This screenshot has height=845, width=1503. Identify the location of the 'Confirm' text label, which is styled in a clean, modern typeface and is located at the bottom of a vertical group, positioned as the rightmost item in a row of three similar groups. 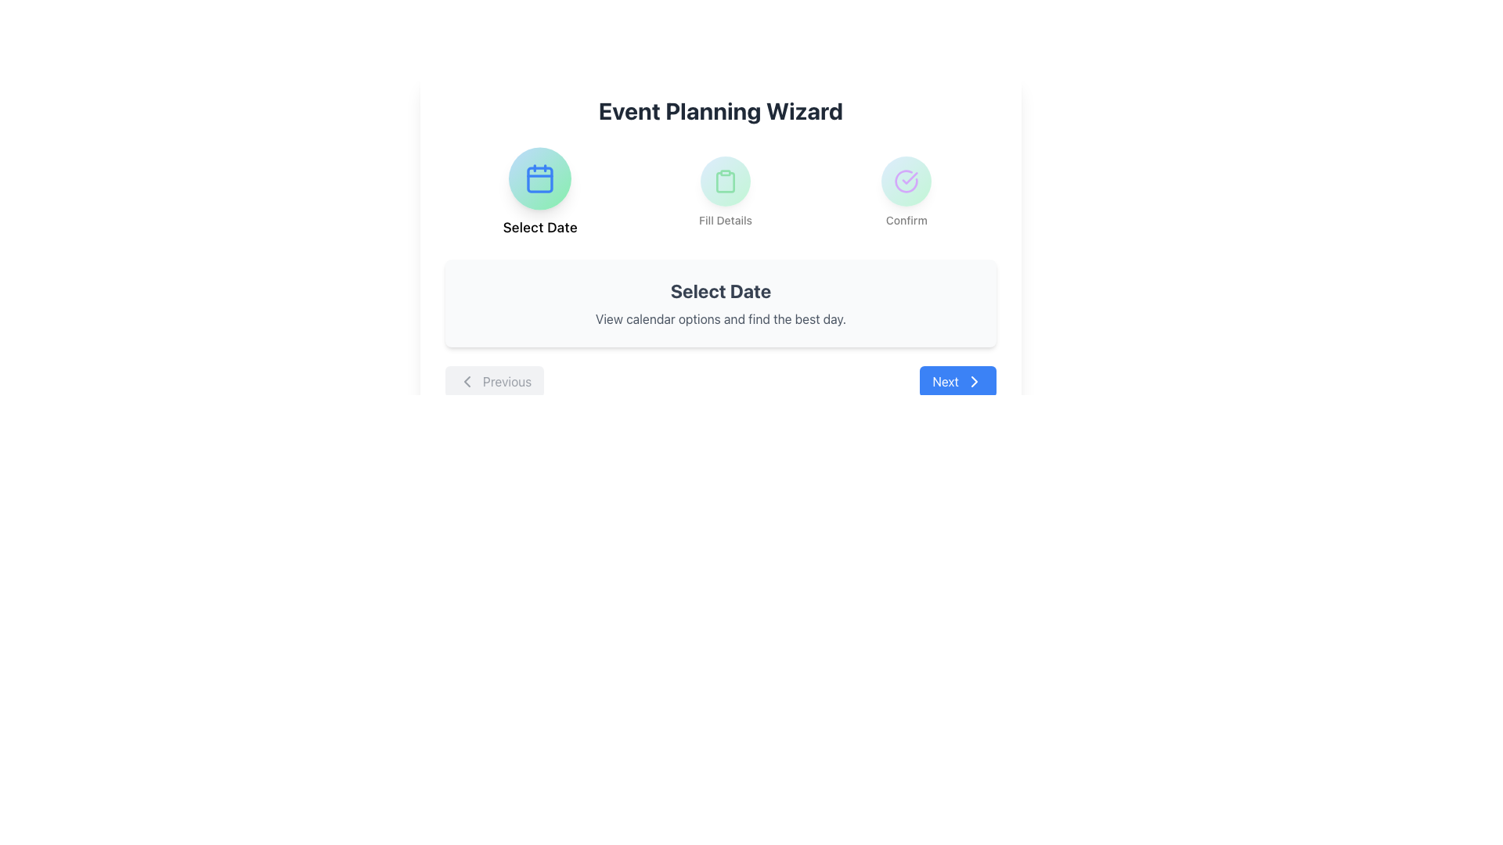
(906, 220).